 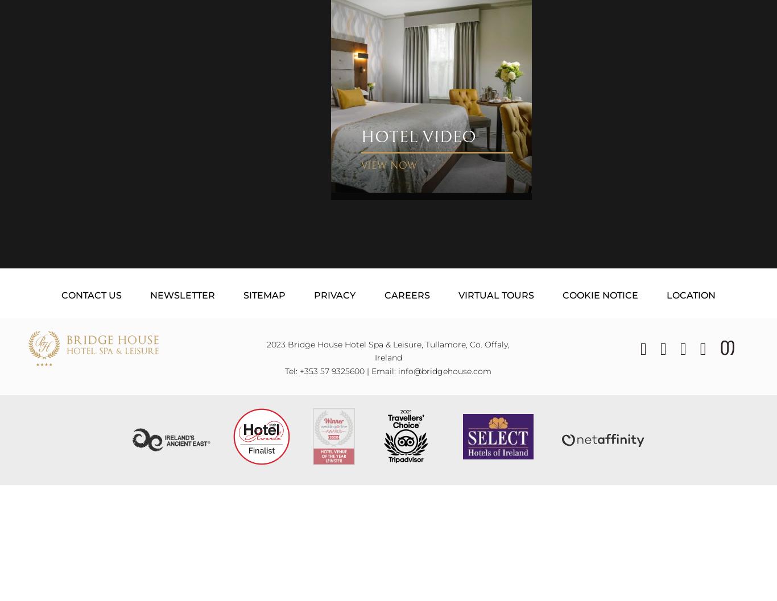 I want to click on 'Why Book With Us?', so click(x=379, y=587).